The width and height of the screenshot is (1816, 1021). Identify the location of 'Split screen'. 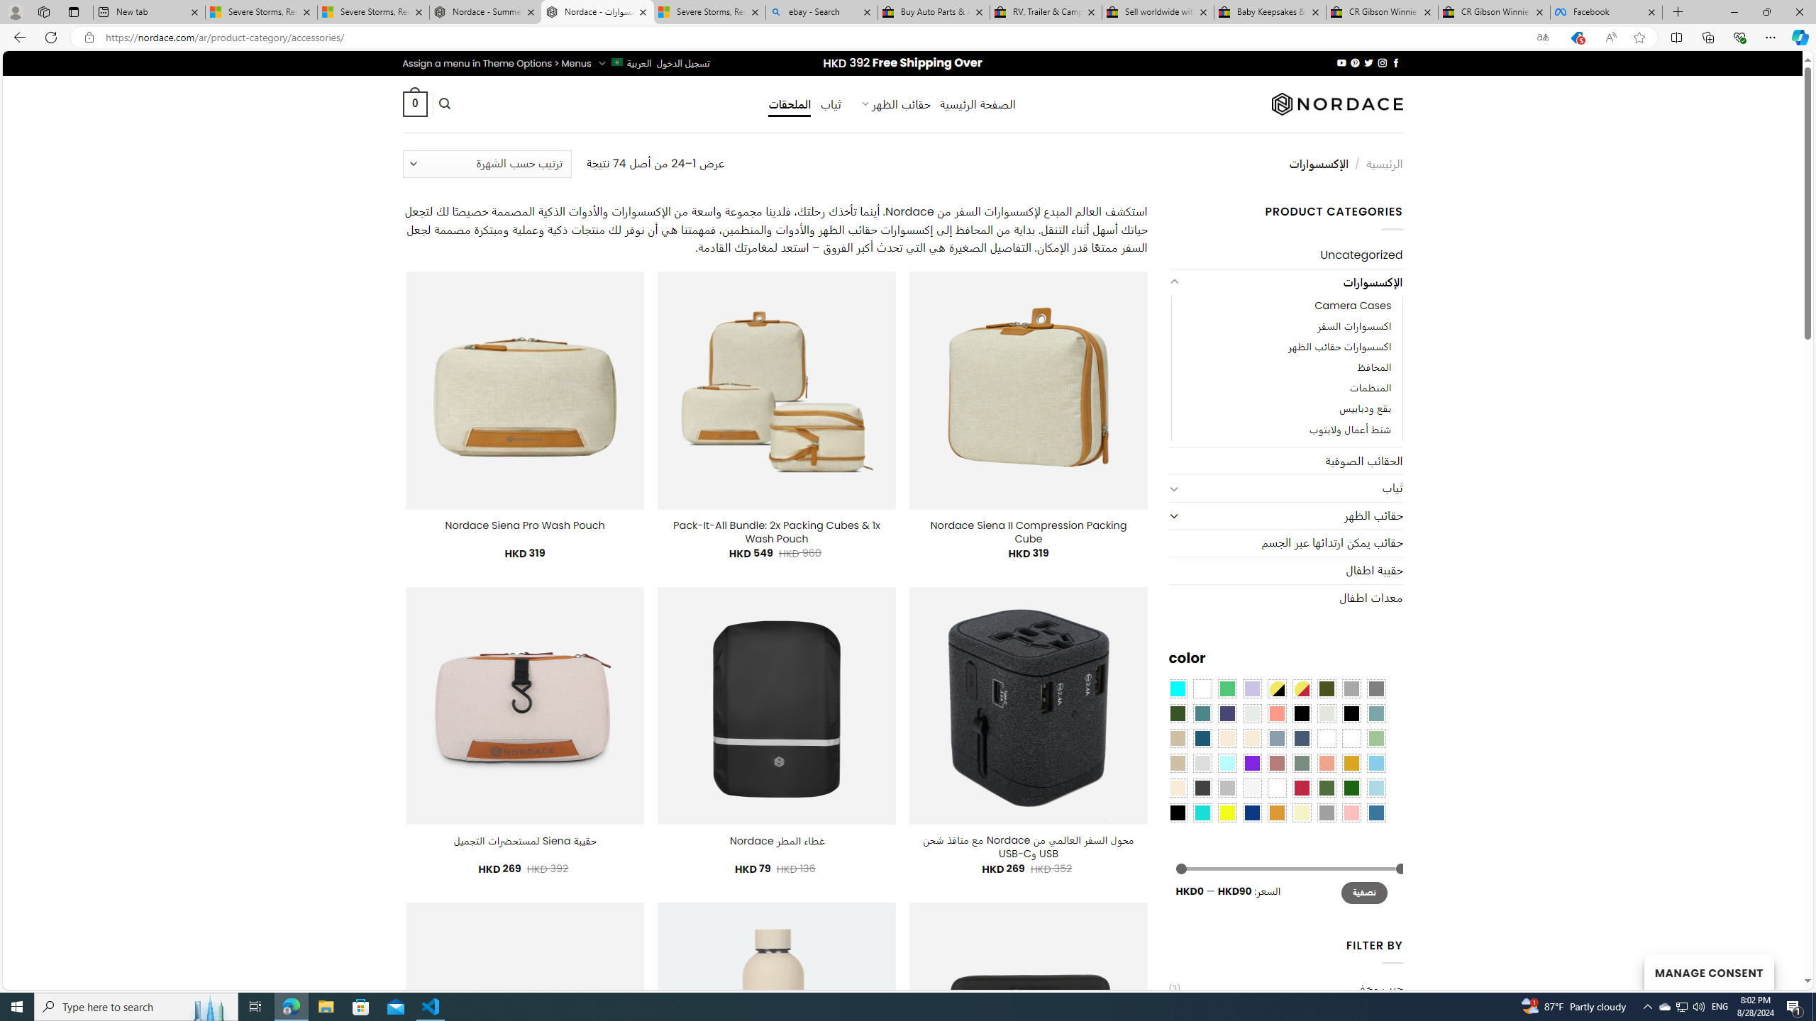
(1677, 36).